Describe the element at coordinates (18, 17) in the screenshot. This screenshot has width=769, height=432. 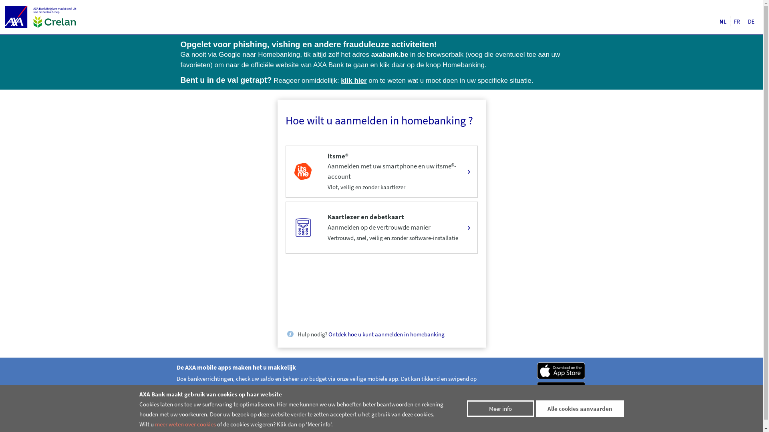
I see `'AXA Homebanking'` at that location.